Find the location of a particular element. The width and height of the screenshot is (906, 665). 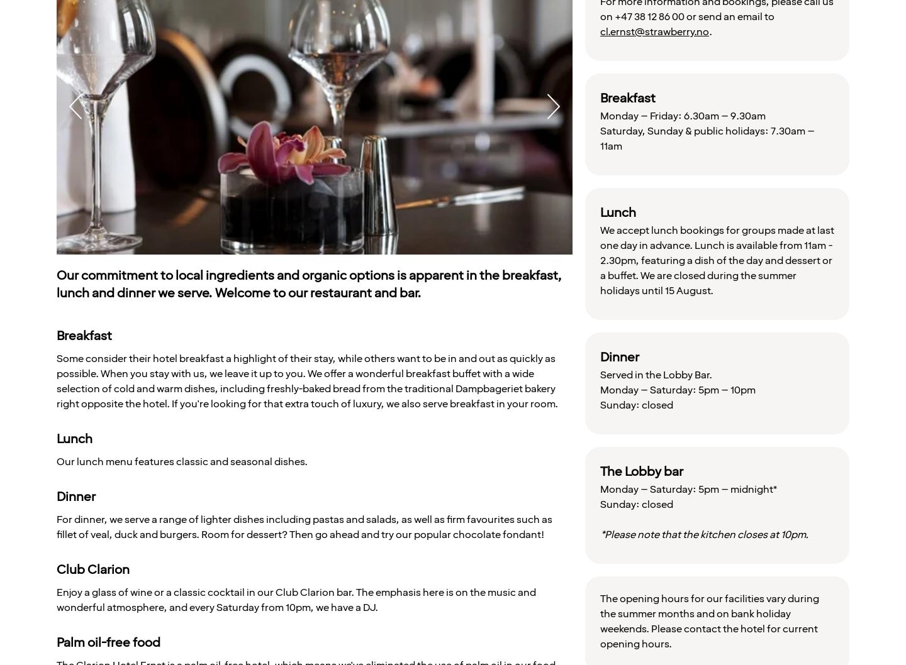

'The opening hours for our facilities vary during the summer months and on bank holiday weekends. Please contact the hotel for current opening hours.' is located at coordinates (708, 620).